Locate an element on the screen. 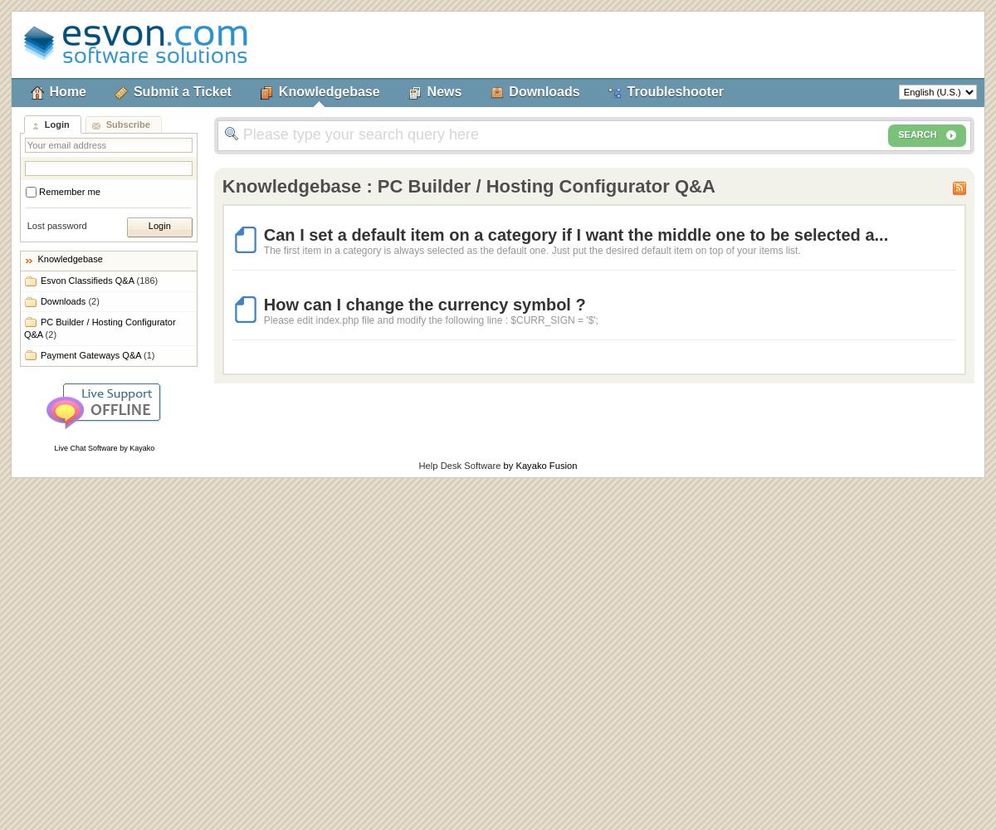  'Esvon Classifieds Q&A' is located at coordinates (87, 280).